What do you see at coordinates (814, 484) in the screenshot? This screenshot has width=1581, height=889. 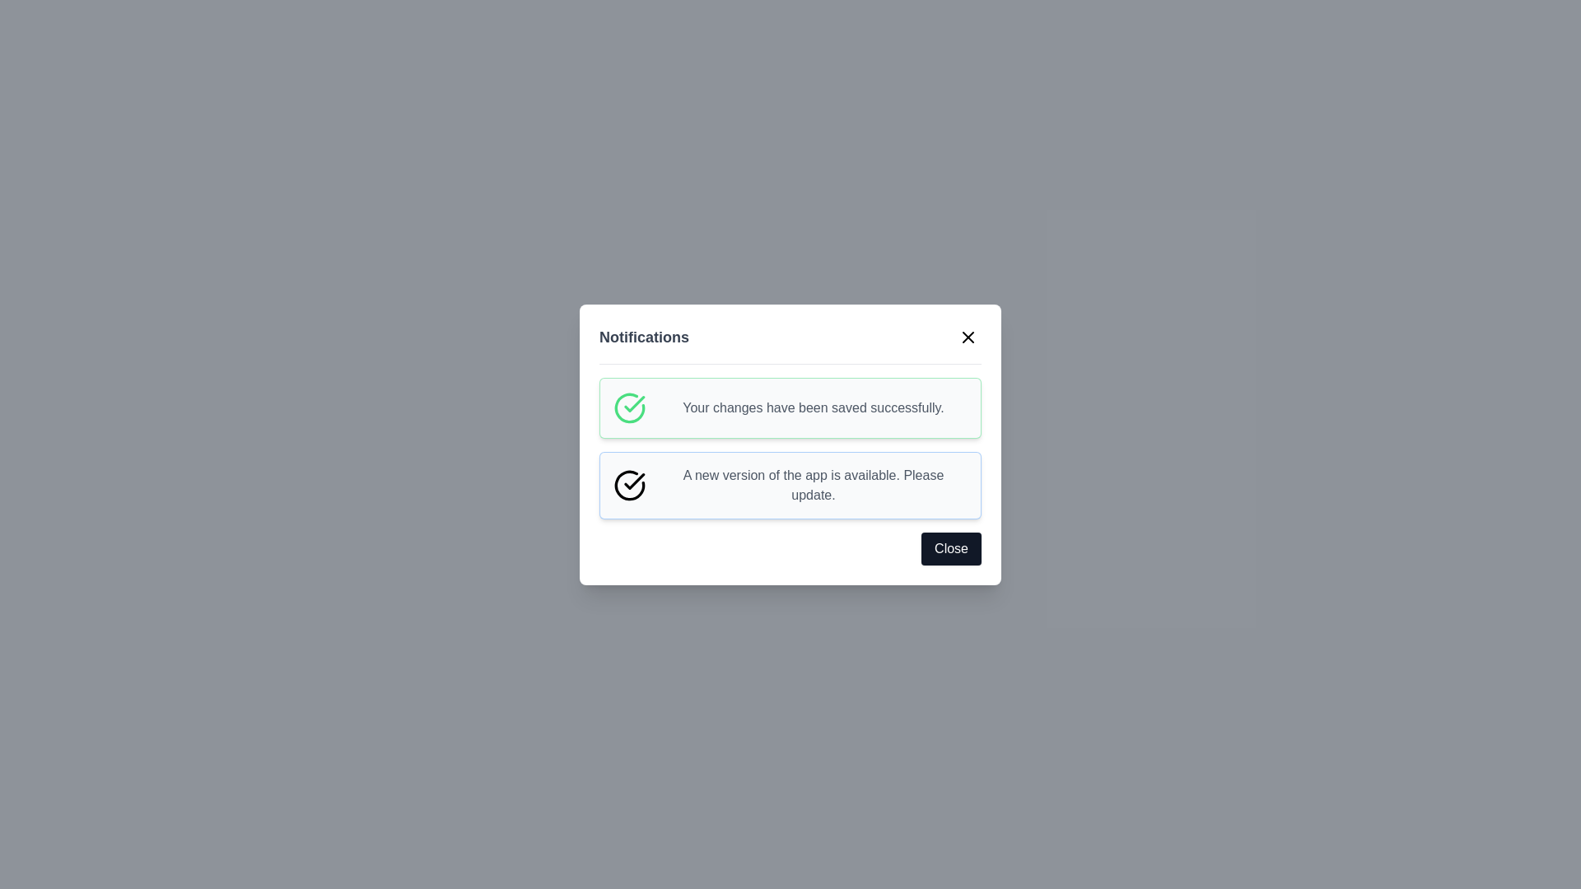 I see `the text label that informs users about the availability of a new version of the app, positioned in the lower portion of the notification card, below another notification item and above the 'Close' button` at bounding box center [814, 484].